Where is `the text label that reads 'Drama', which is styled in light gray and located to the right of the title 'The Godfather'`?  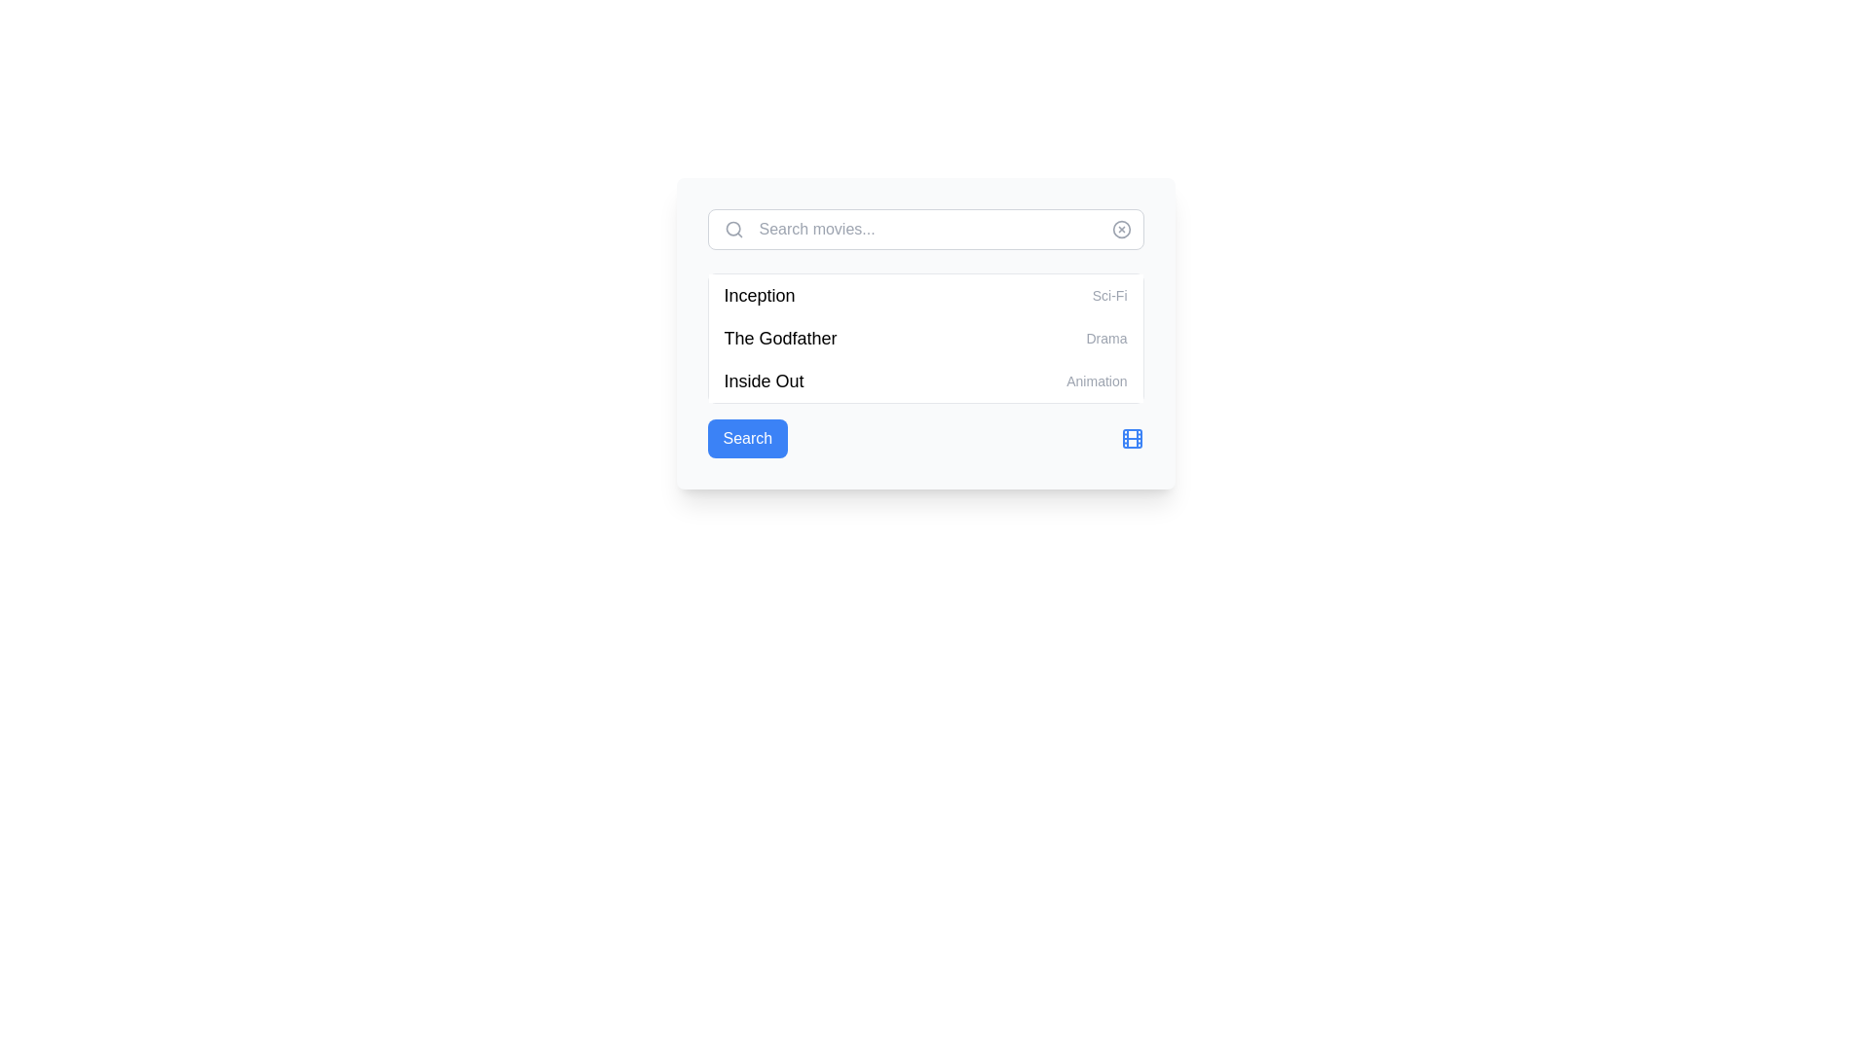 the text label that reads 'Drama', which is styled in light gray and located to the right of the title 'The Godfather' is located at coordinates (1106, 337).